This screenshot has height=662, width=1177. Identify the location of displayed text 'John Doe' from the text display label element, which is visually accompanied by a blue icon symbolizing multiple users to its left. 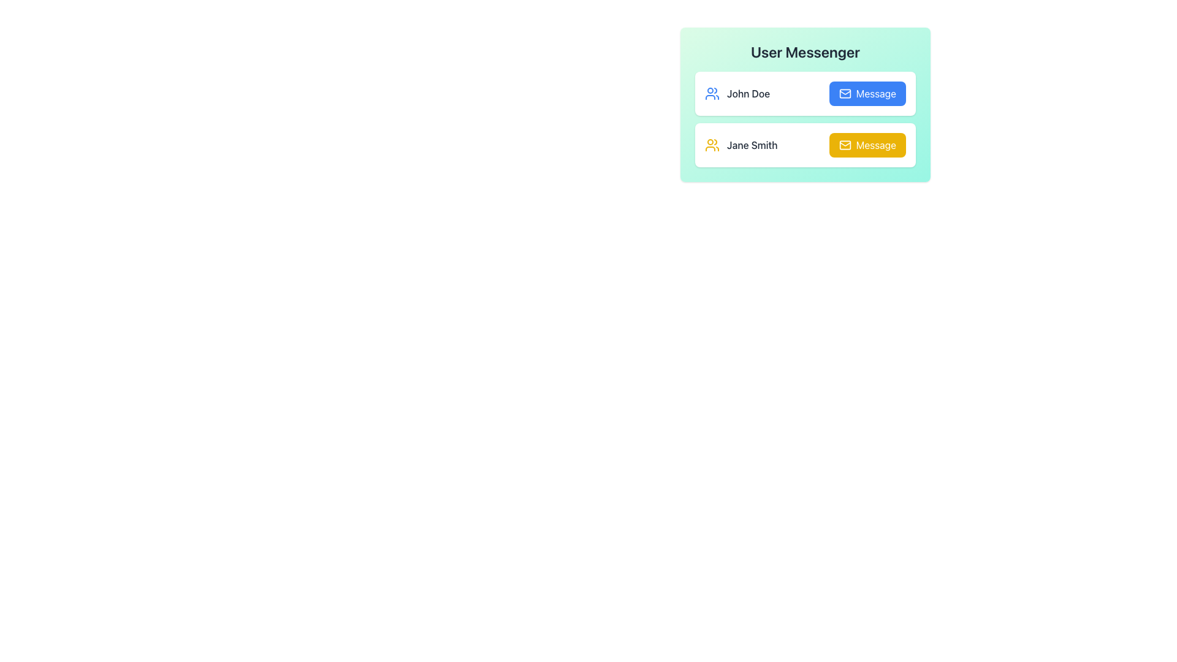
(737, 93).